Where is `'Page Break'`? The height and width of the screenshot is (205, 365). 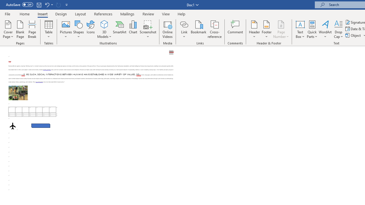
'Page Break' is located at coordinates (32, 29).